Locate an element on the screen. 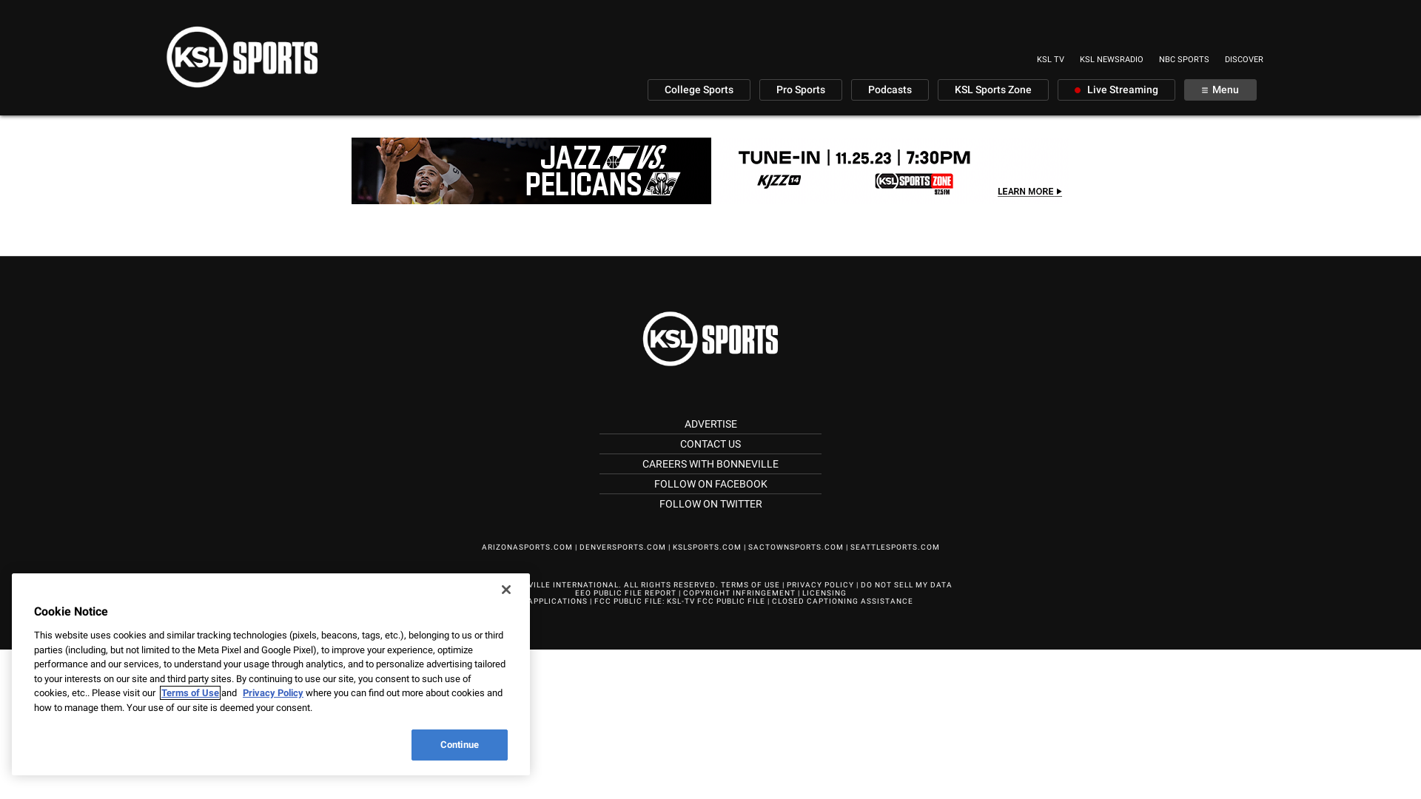  'FCC APPLICATIONS' is located at coordinates (546, 601).